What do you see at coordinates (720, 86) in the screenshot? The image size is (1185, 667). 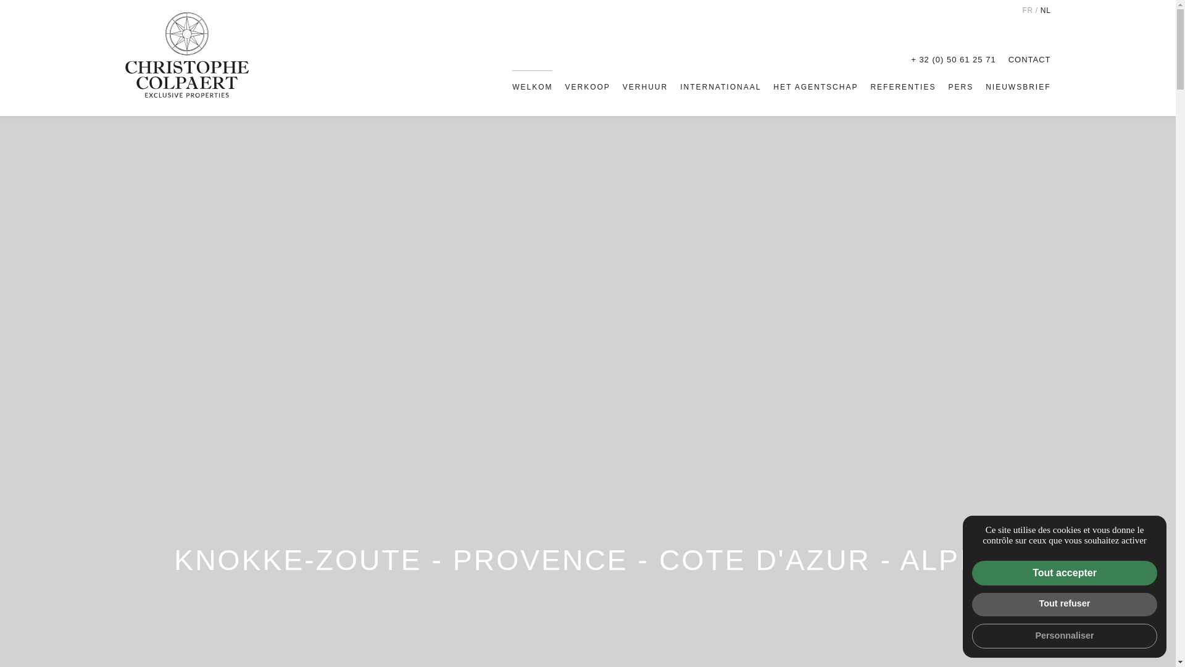 I see `'INTERNATIONAAL'` at bounding box center [720, 86].